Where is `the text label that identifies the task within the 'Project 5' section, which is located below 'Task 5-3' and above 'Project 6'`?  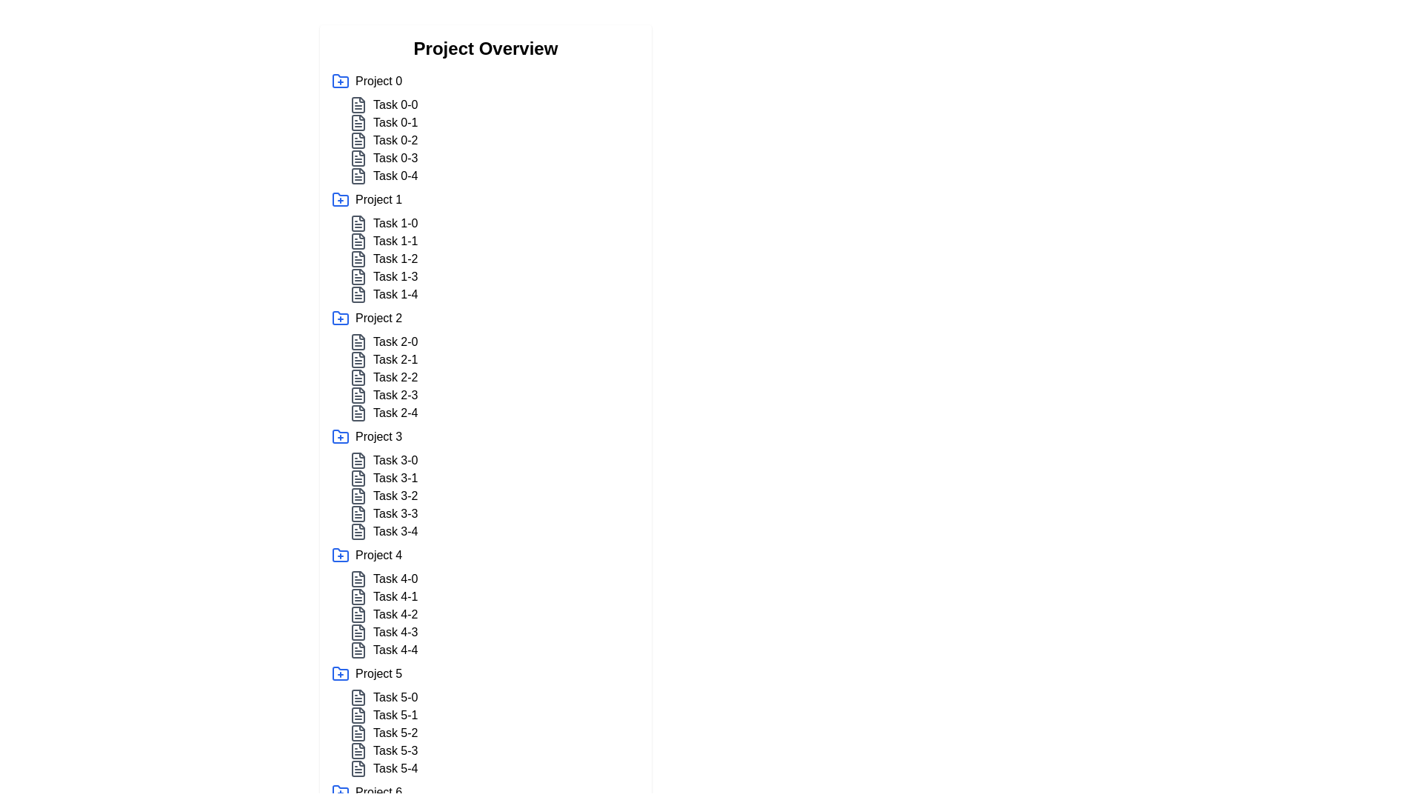 the text label that identifies the task within the 'Project 5' section, which is located below 'Task 5-3' and above 'Project 6' is located at coordinates (395, 767).